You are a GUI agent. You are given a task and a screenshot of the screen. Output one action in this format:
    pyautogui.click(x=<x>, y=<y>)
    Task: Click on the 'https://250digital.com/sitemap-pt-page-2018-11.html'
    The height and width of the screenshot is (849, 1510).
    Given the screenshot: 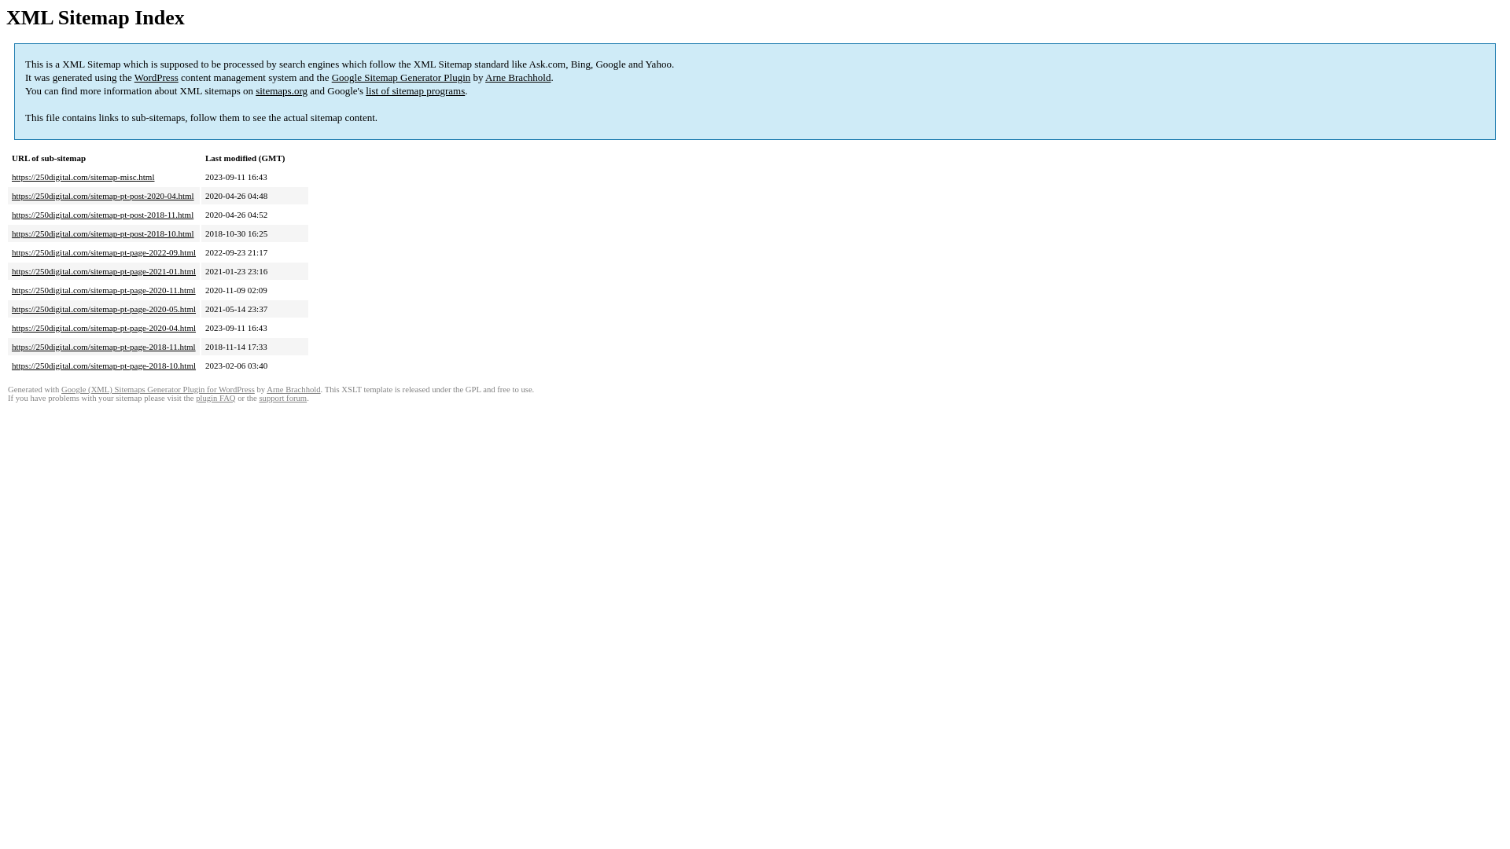 What is the action you would take?
    pyautogui.click(x=11, y=345)
    